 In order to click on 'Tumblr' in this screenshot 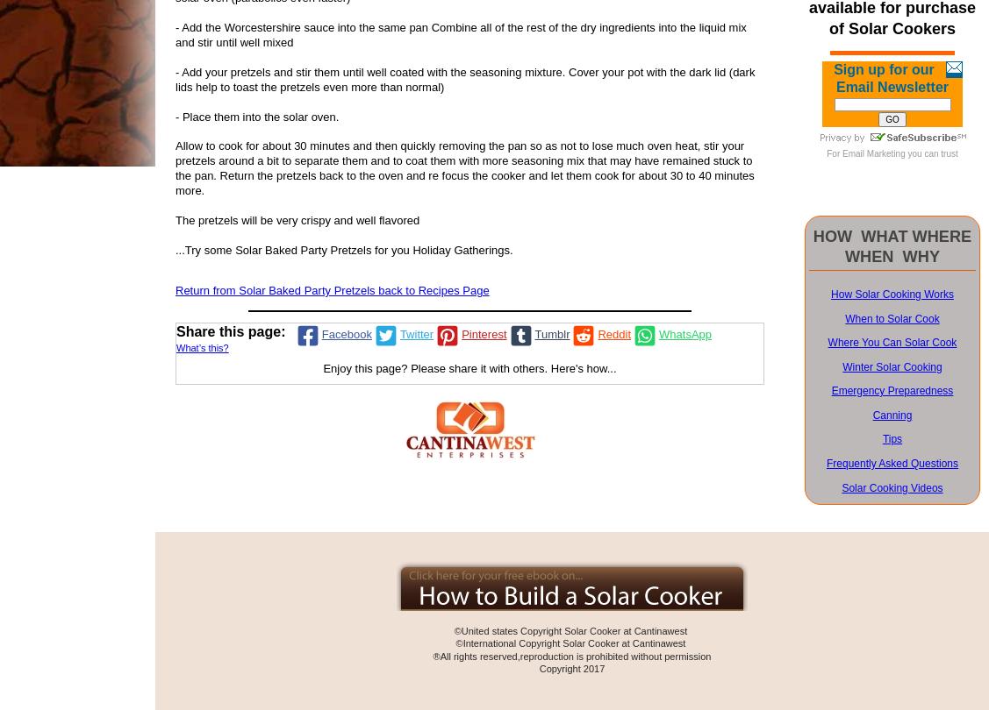, I will do `click(551, 333)`.